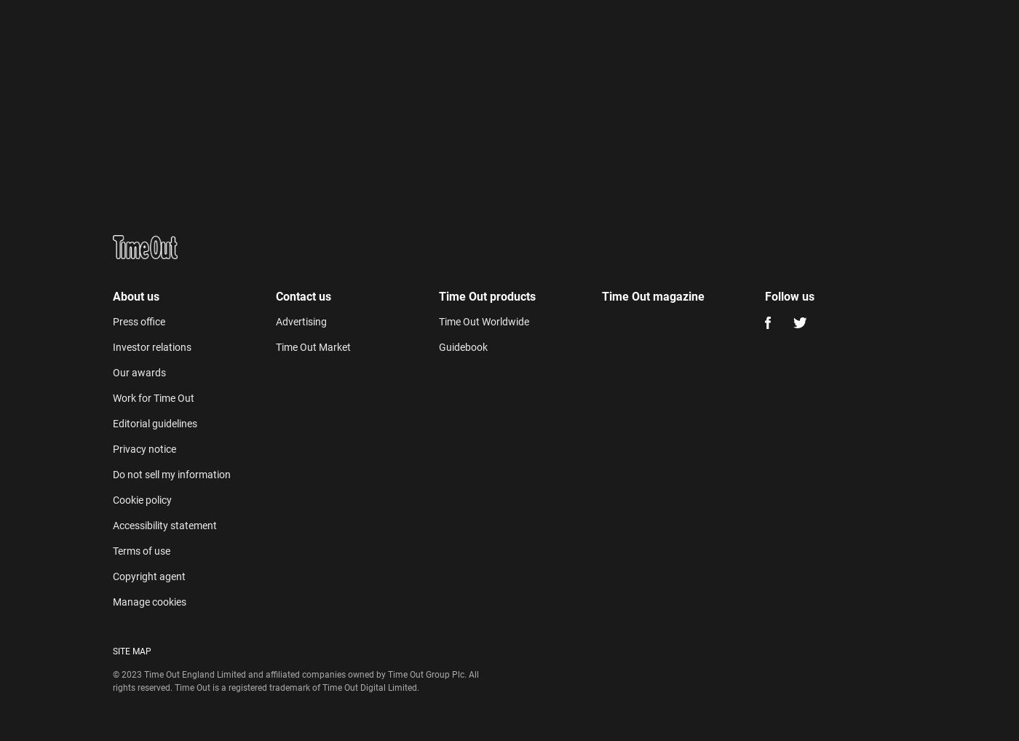 The width and height of the screenshot is (1019, 741). I want to click on 'Press office', so click(112, 321).